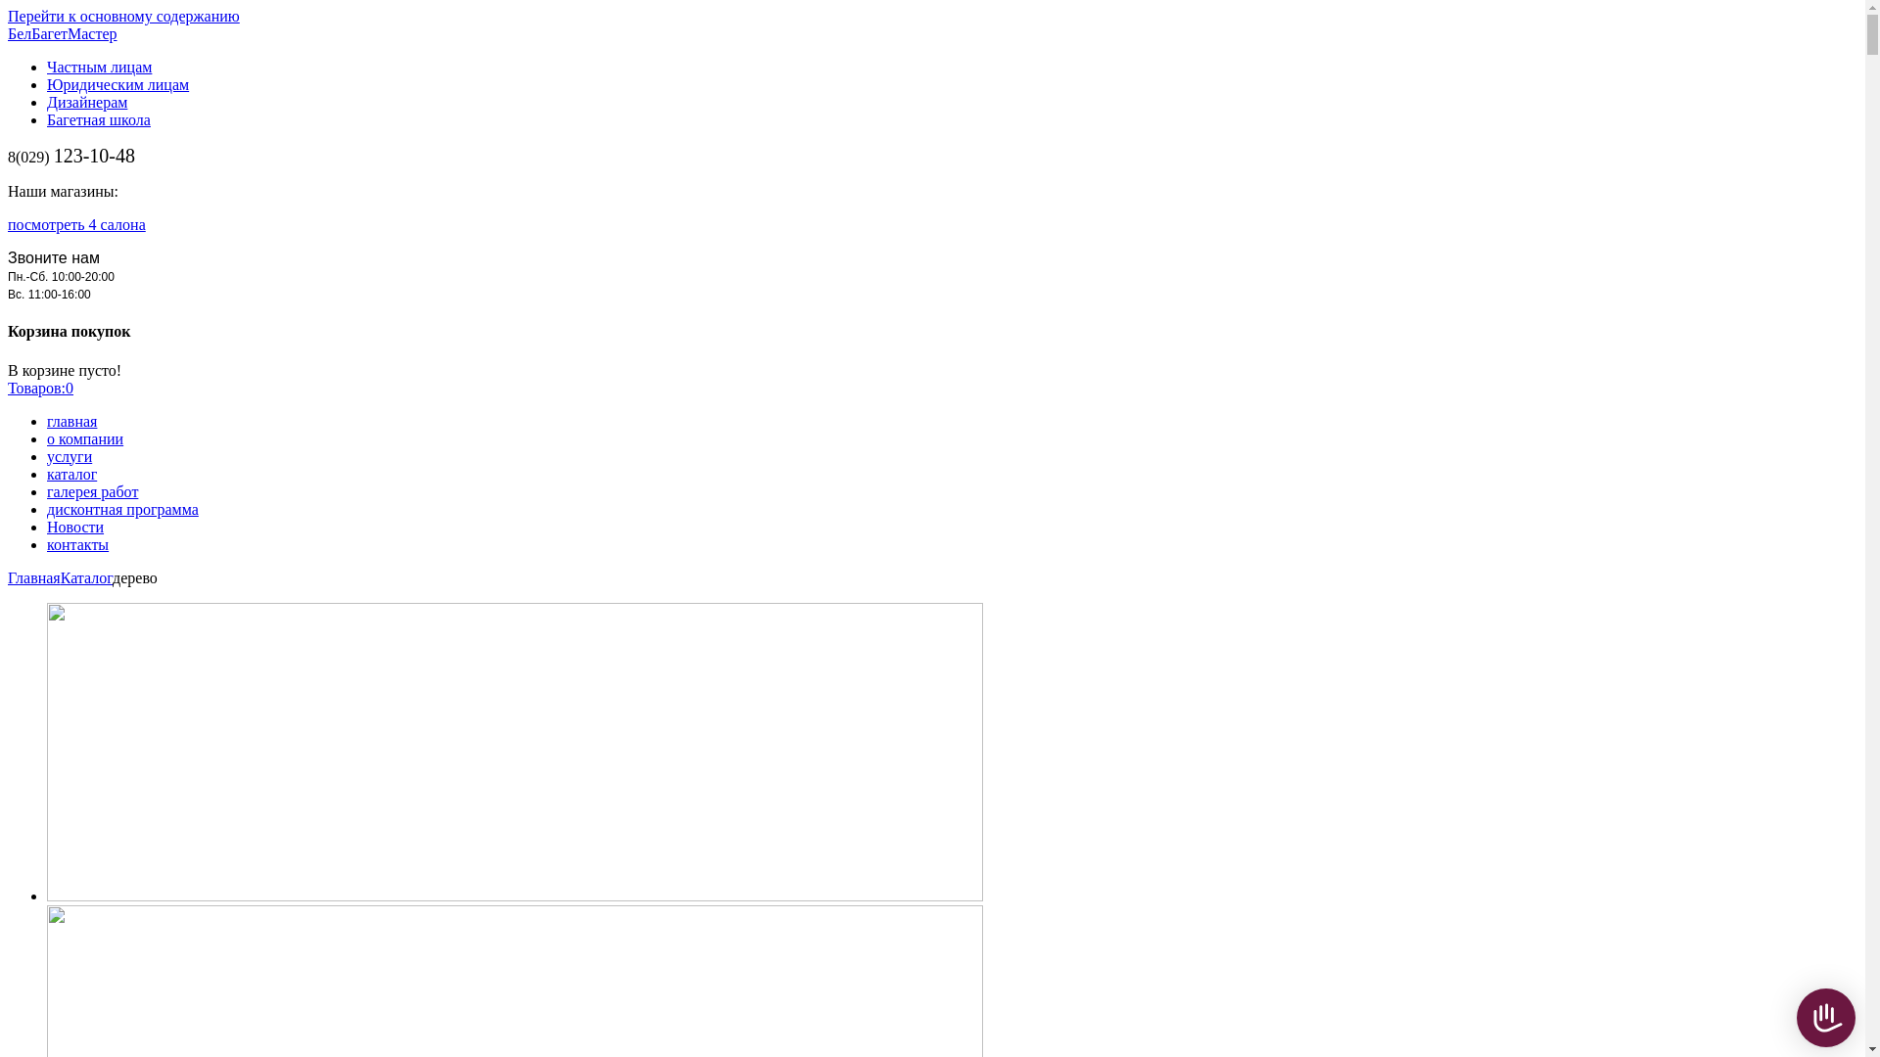  What do you see at coordinates (70, 156) in the screenshot?
I see `'8(029) 123-10-48'` at bounding box center [70, 156].